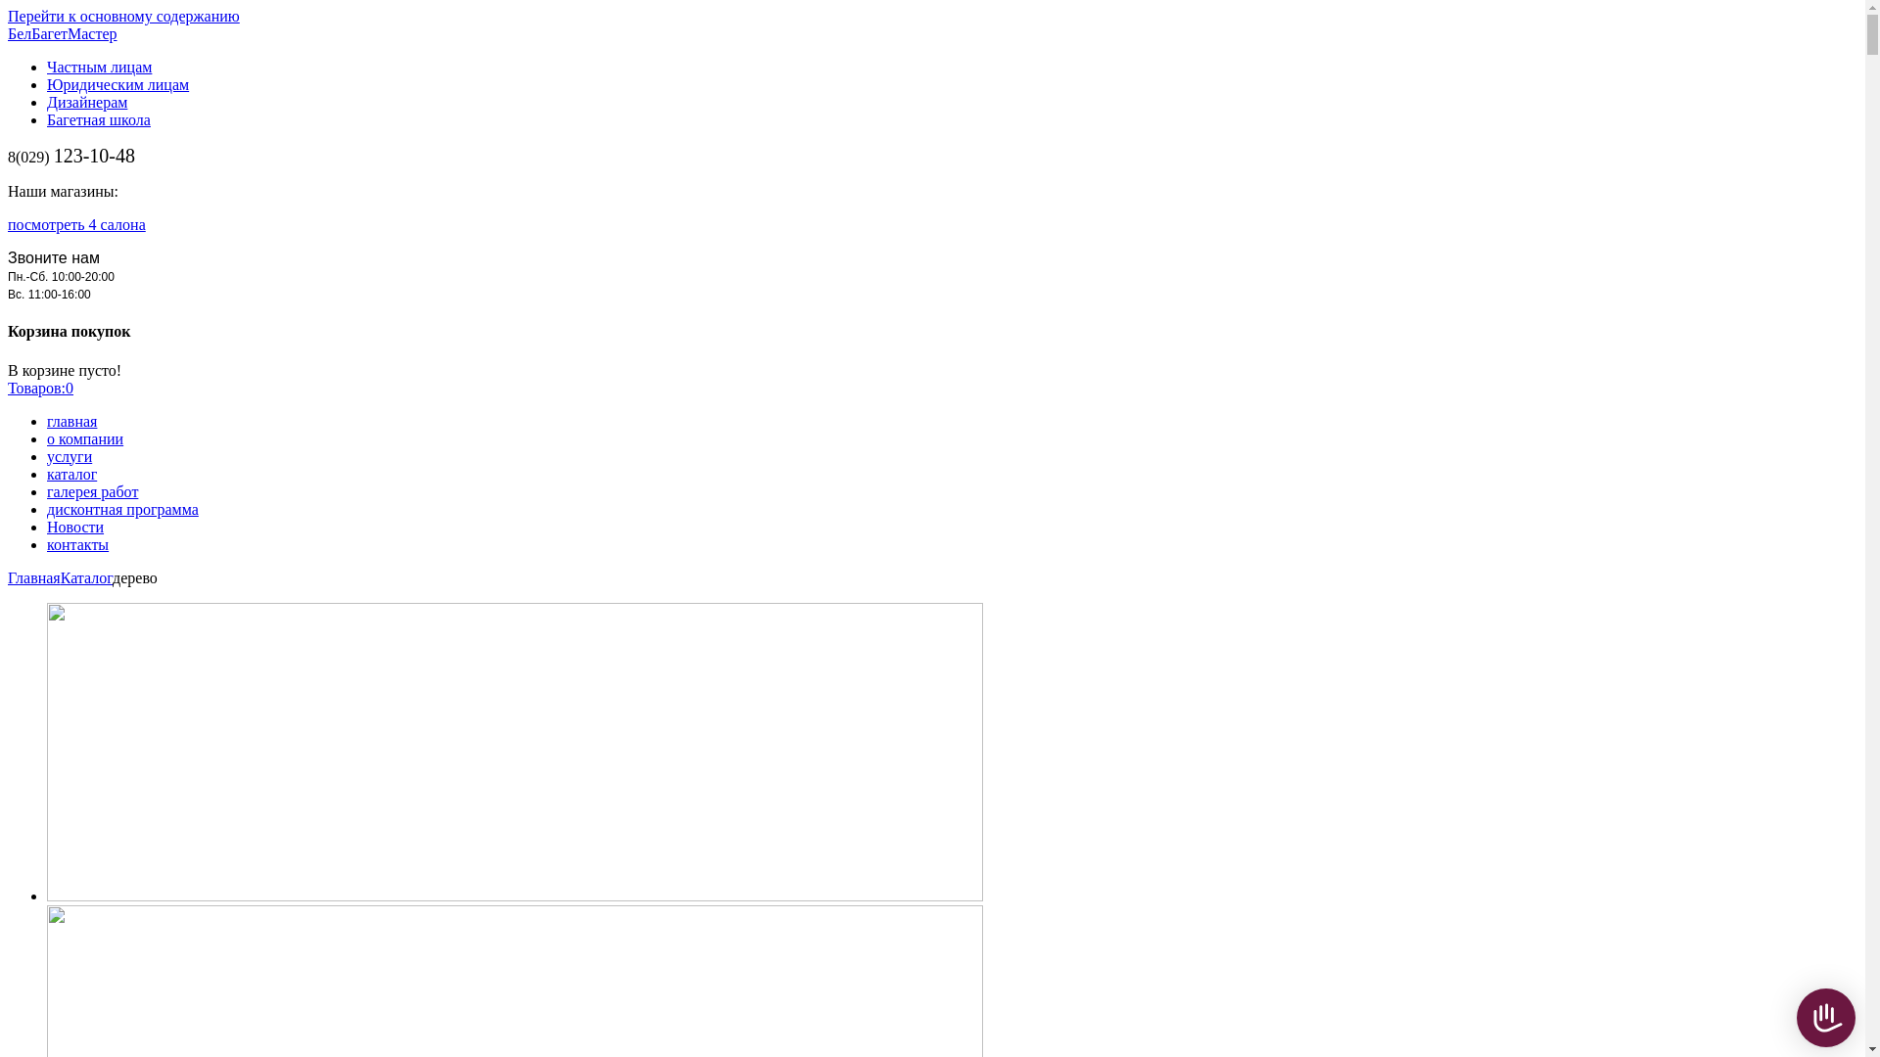  What do you see at coordinates (70, 156) in the screenshot?
I see `'8(029) 123-10-48'` at bounding box center [70, 156].